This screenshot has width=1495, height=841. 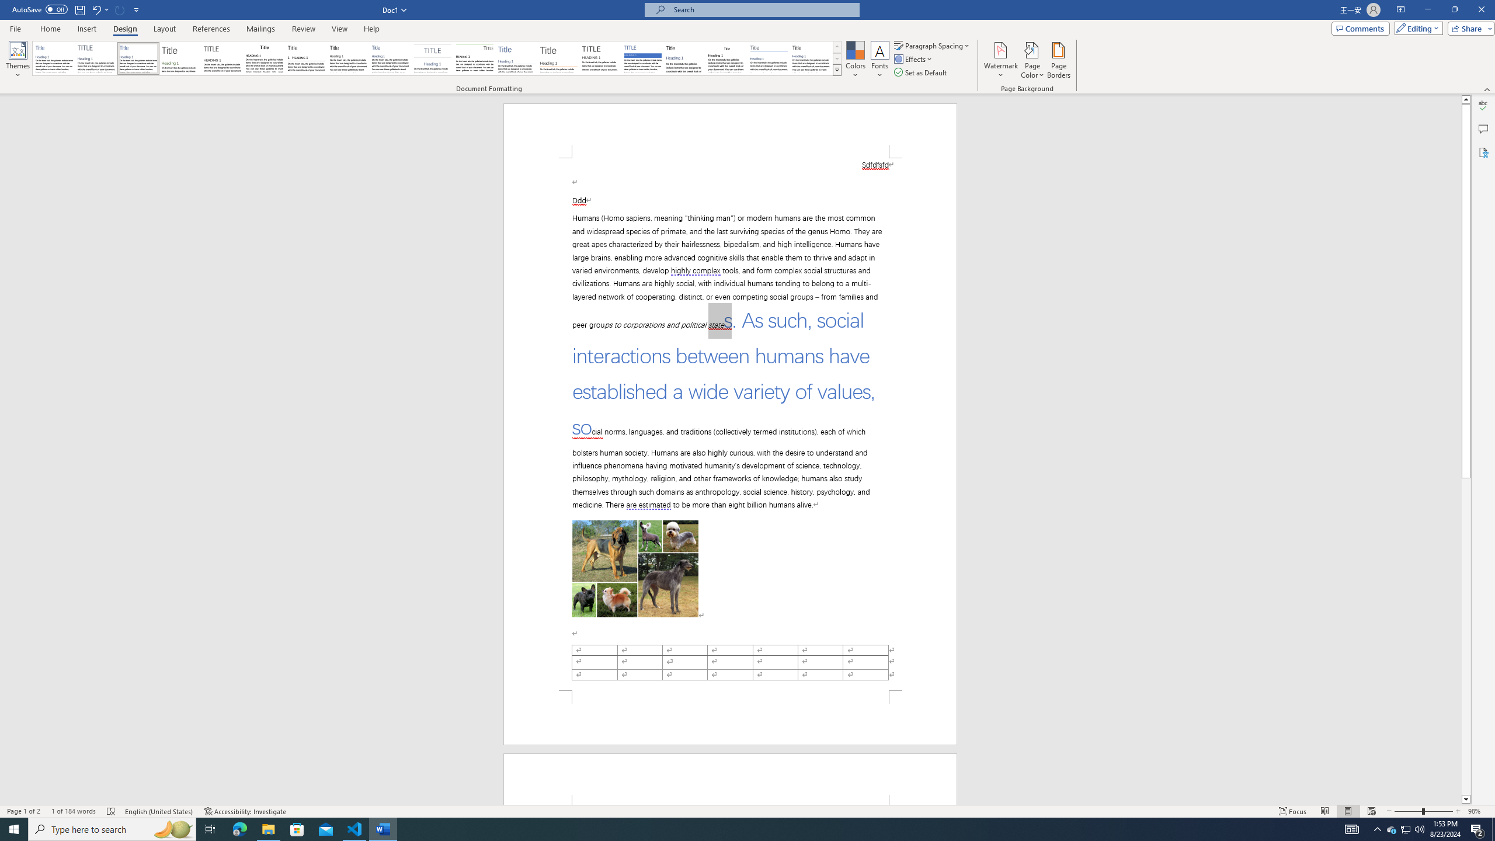 I want to click on 'Accessibility', so click(x=1483, y=152).